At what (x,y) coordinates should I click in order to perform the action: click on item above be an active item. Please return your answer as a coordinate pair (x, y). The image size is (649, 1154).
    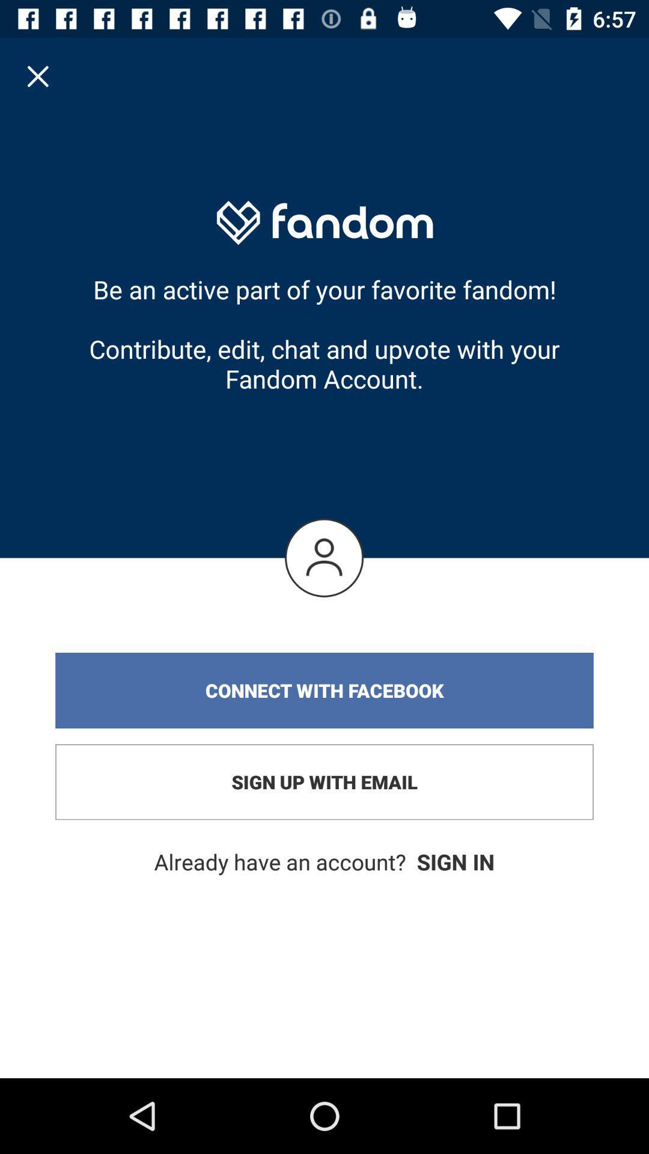
    Looking at the image, I should click on (37, 75).